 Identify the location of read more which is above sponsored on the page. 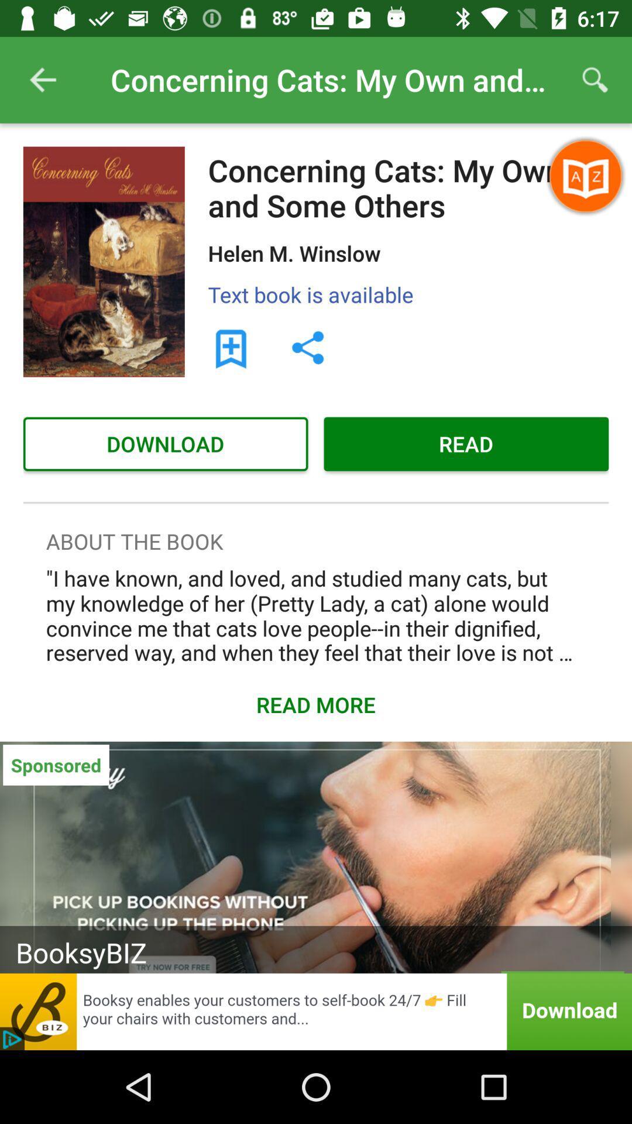
(316, 704).